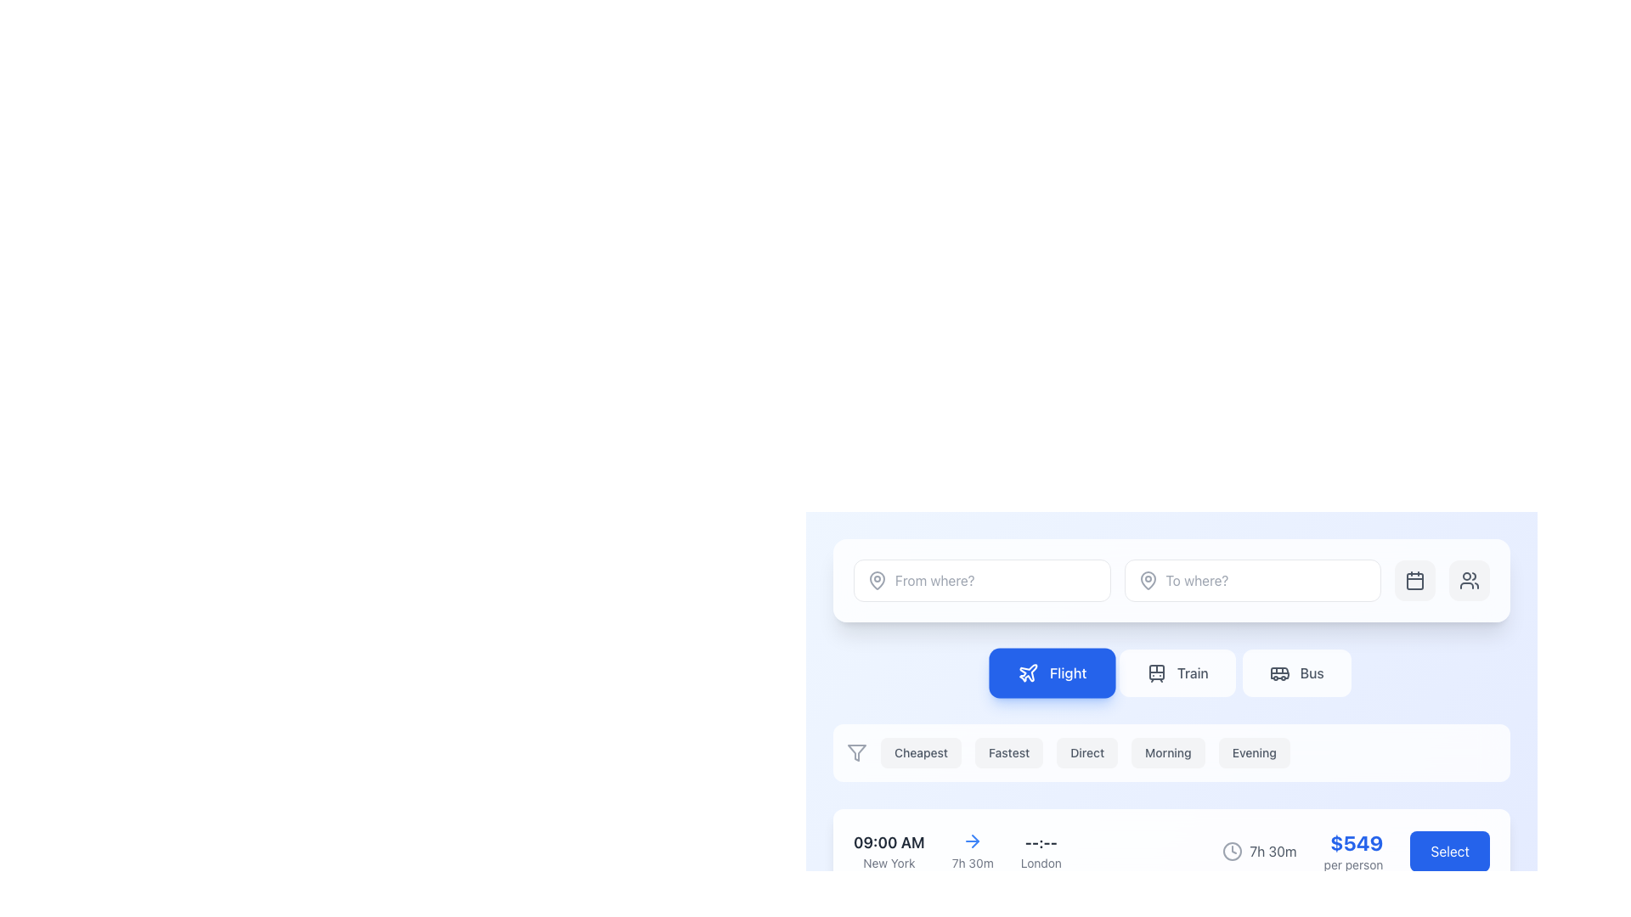  What do you see at coordinates (1356, 842) in the screenshot?
I see `the bold blue text label displaying the amount '$549' in the pricing section of the flight booking interface, which is positioned above the text 'per person' and to the left of the 'Select' button` at bounding box center [1356, 842].